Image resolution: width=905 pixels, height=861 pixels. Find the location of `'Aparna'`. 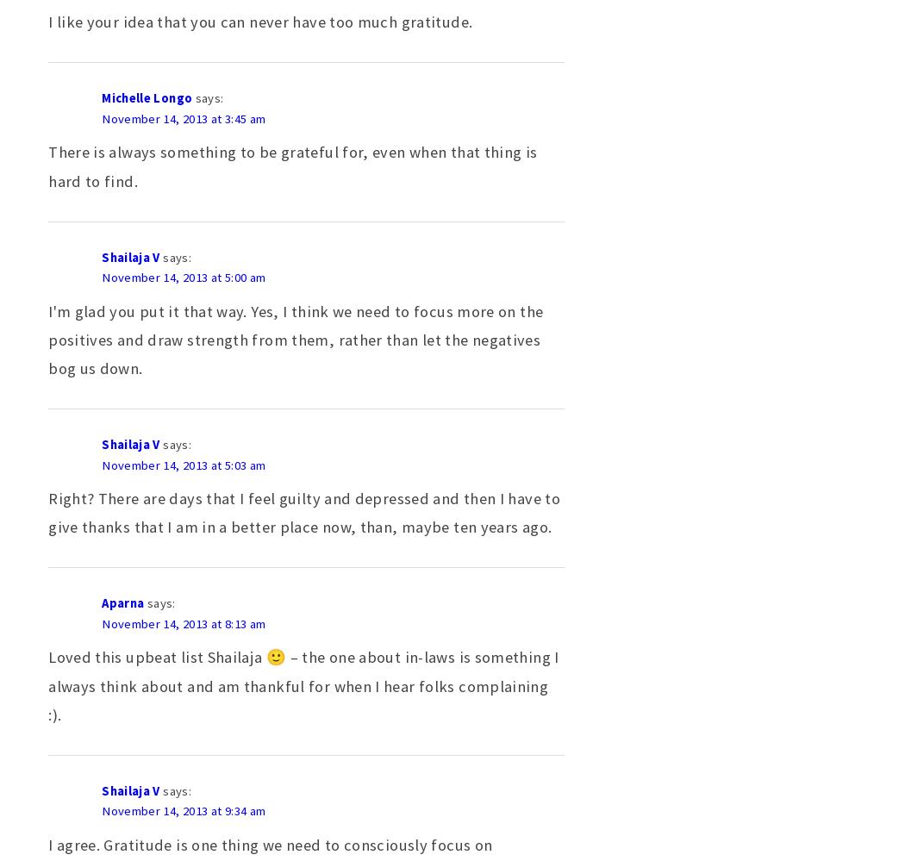

'Aparna' is located at coordinates (122, 602).